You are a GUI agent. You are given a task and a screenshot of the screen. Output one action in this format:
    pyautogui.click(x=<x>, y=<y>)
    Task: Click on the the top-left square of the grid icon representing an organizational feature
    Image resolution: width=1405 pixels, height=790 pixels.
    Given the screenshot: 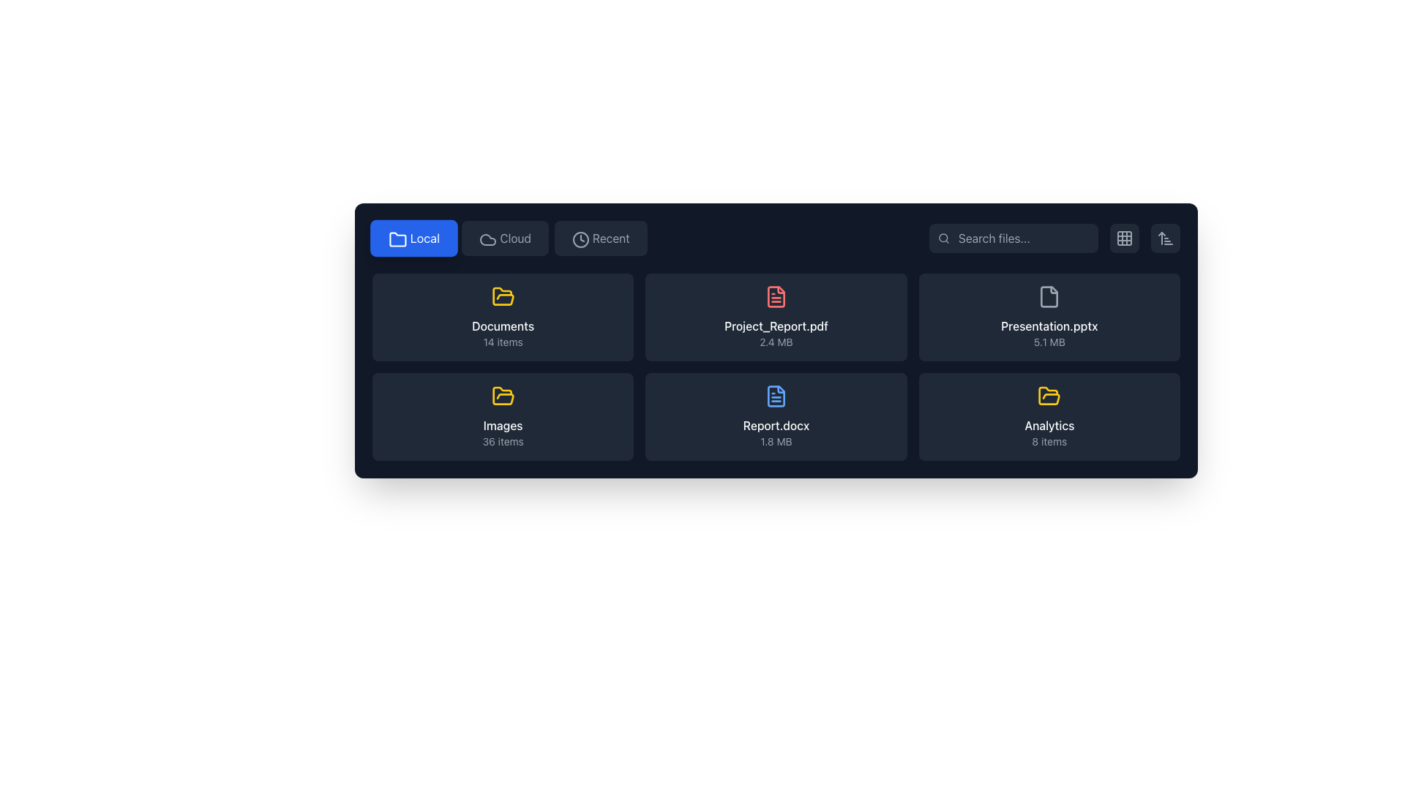 What is the action you would take?
    pyautogui.click(x=1123, y=238)
    